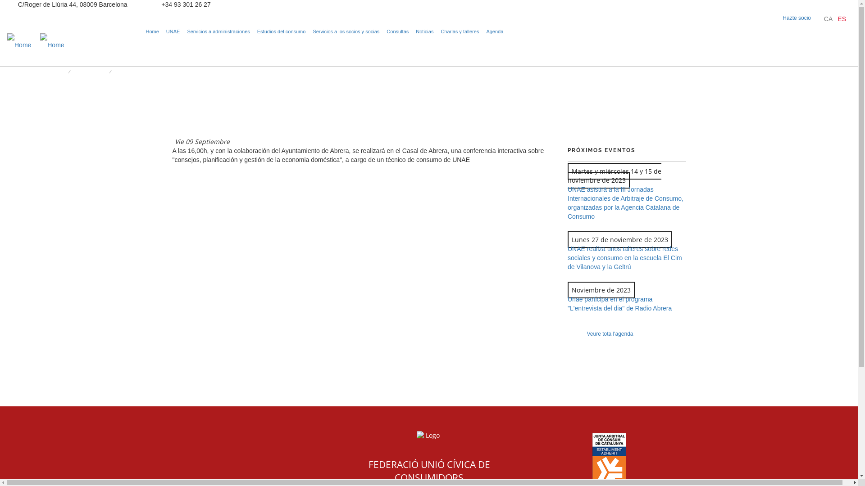 The image size is (865, 486). I want to click on 'Agenda', so click(494, 31).